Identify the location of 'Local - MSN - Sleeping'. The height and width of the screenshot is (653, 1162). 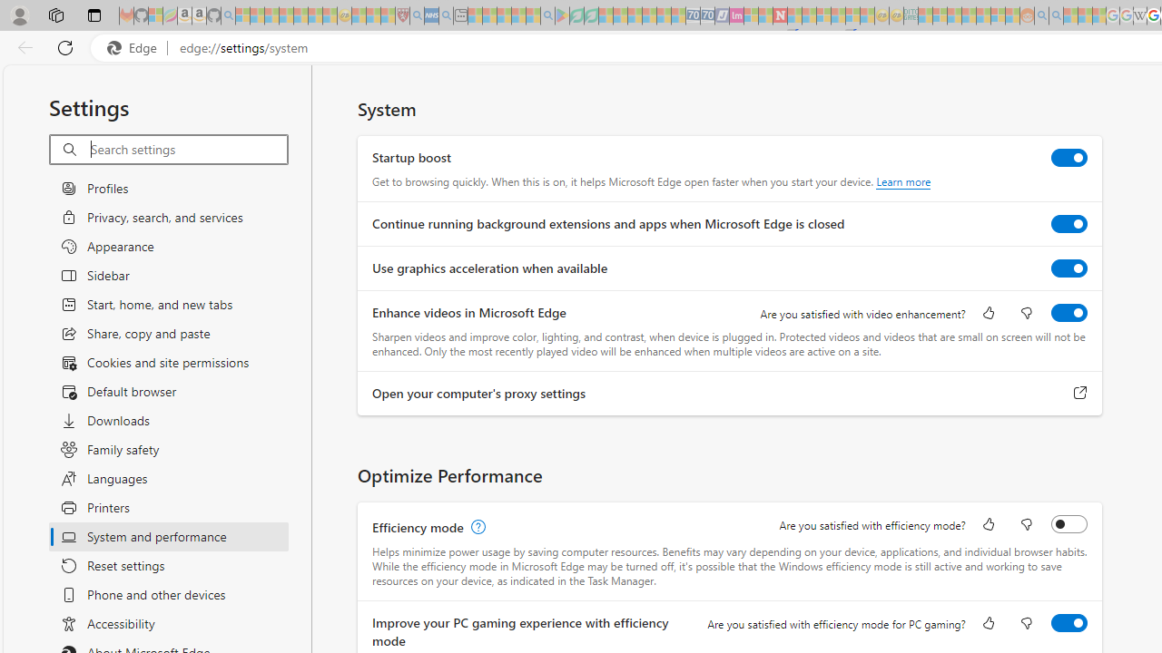
(387, 15).